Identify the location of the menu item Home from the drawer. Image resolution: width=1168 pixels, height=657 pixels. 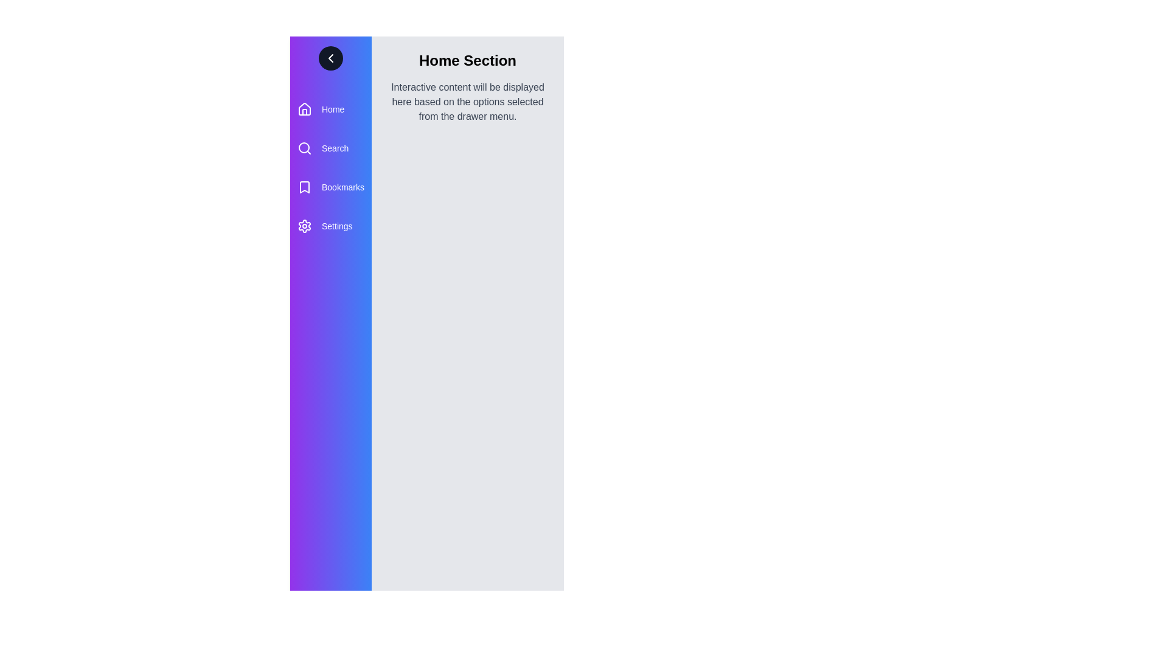
(330, 109).